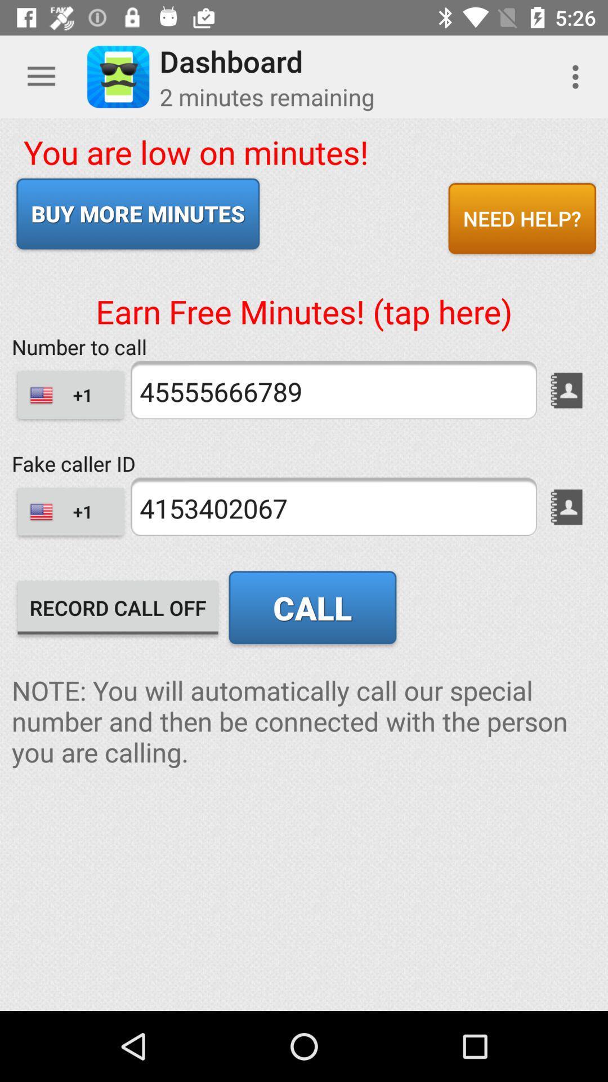 This screenshot has height=1082, width=608. Describe the element at coordinates (118, 607) in the screenshot. I see `icon below +1 item` at that location.